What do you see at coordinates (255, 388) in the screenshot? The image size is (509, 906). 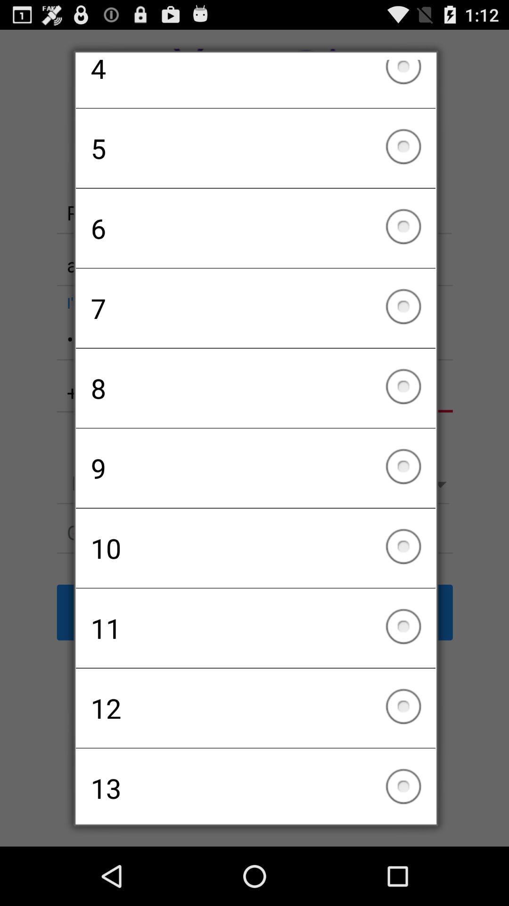 I see `8 checkbox` at bounding box center [255, 388].